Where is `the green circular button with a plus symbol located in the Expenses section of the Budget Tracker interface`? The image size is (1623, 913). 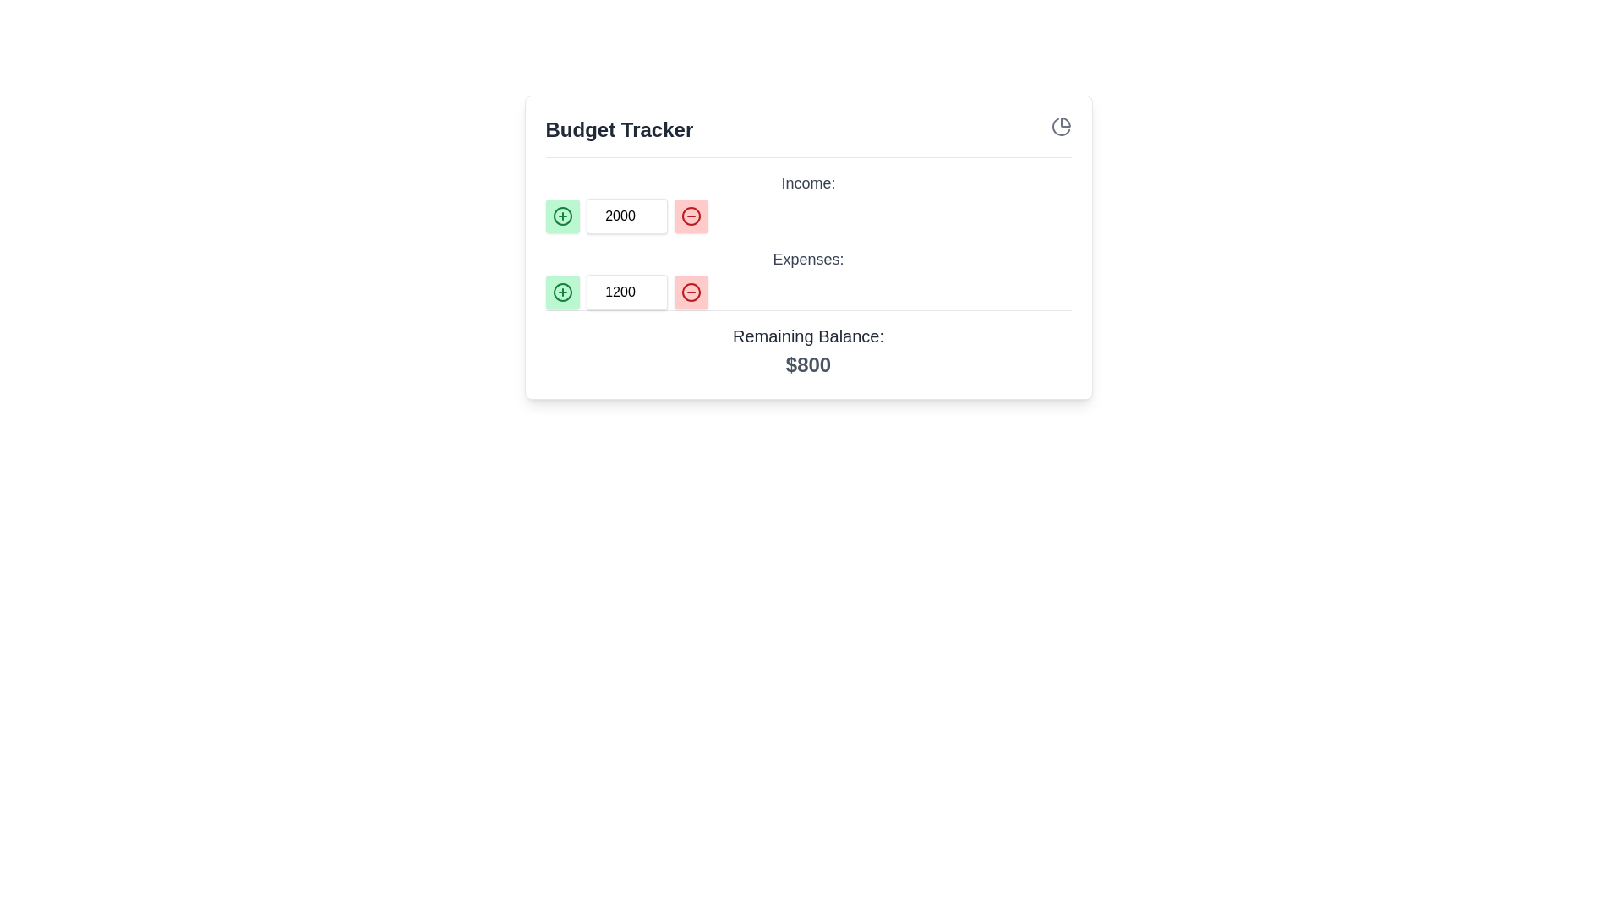
the green circular button with a plus symbol located in the Expenses section of the Budget Tracker interface is located at coordinates (562, 292).